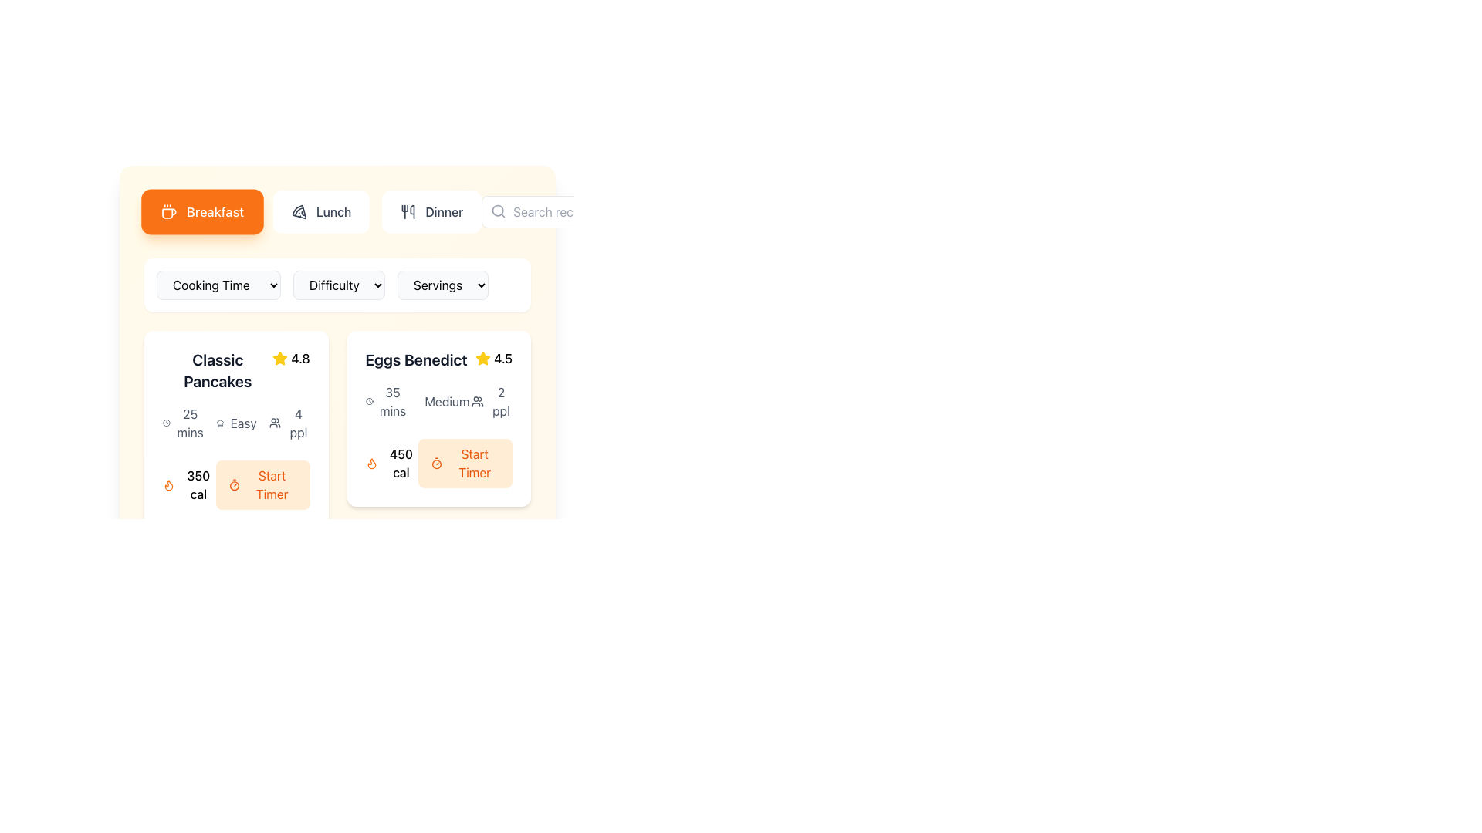  What do you see at coordinates (299, 211) in the screenshot?
I see `the curved line segment of the graphic icon that is part of the design near the 'Lunch' button resembling a pizza slice` at bounding box center [299, 211].